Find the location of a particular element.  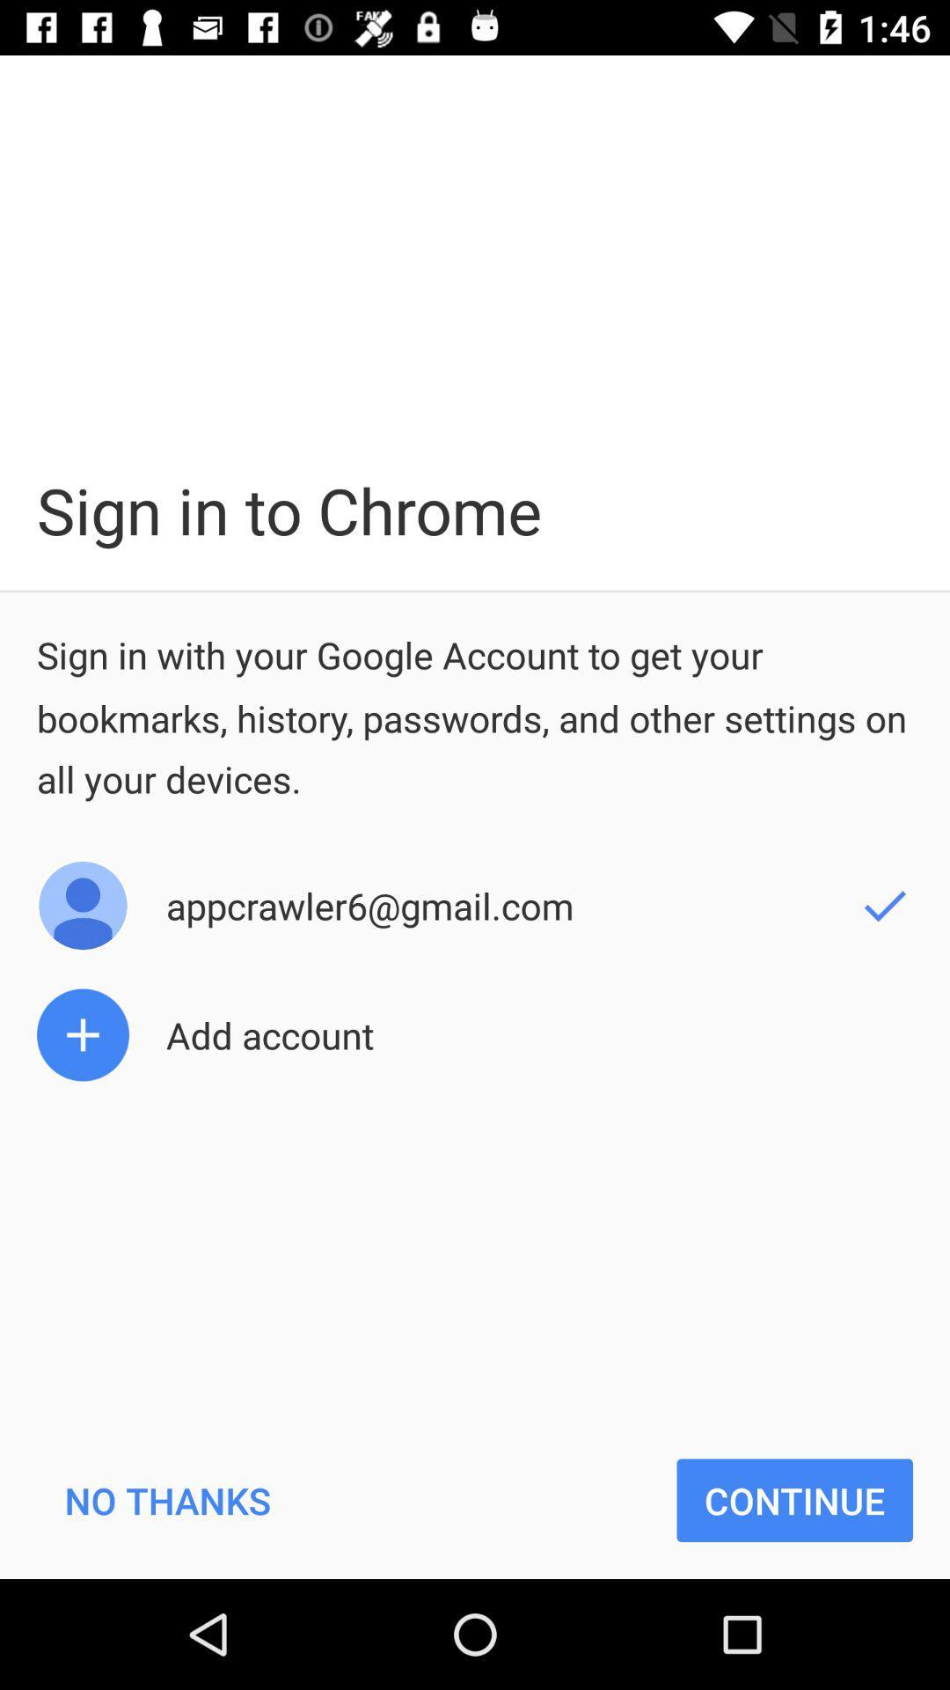

continue icon is located at coordinates (794, 1499).